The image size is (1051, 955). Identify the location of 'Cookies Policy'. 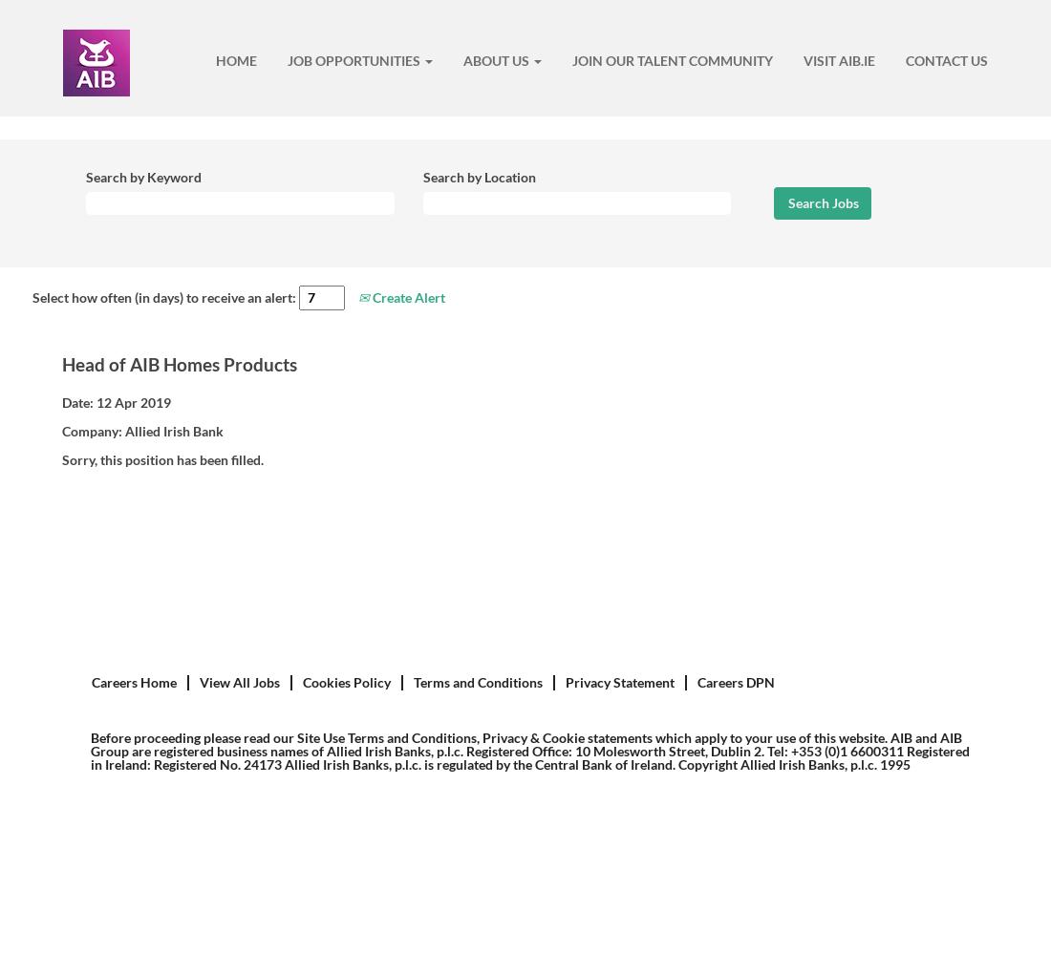
(347, 681).